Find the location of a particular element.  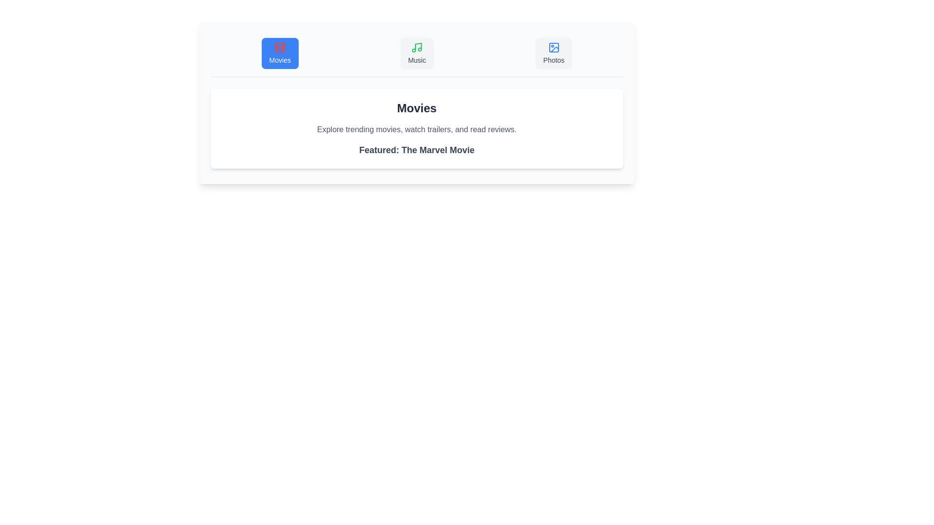

the Photos tab in the MultimediaBrowser component is located at coordinates (554, 53).